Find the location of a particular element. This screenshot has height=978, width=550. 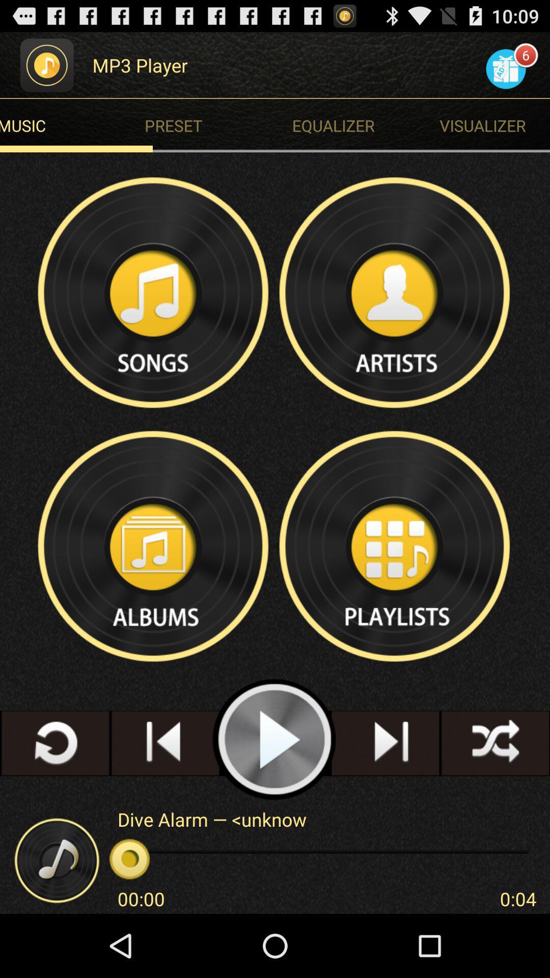

feature link is located at coordinates (395, 292).